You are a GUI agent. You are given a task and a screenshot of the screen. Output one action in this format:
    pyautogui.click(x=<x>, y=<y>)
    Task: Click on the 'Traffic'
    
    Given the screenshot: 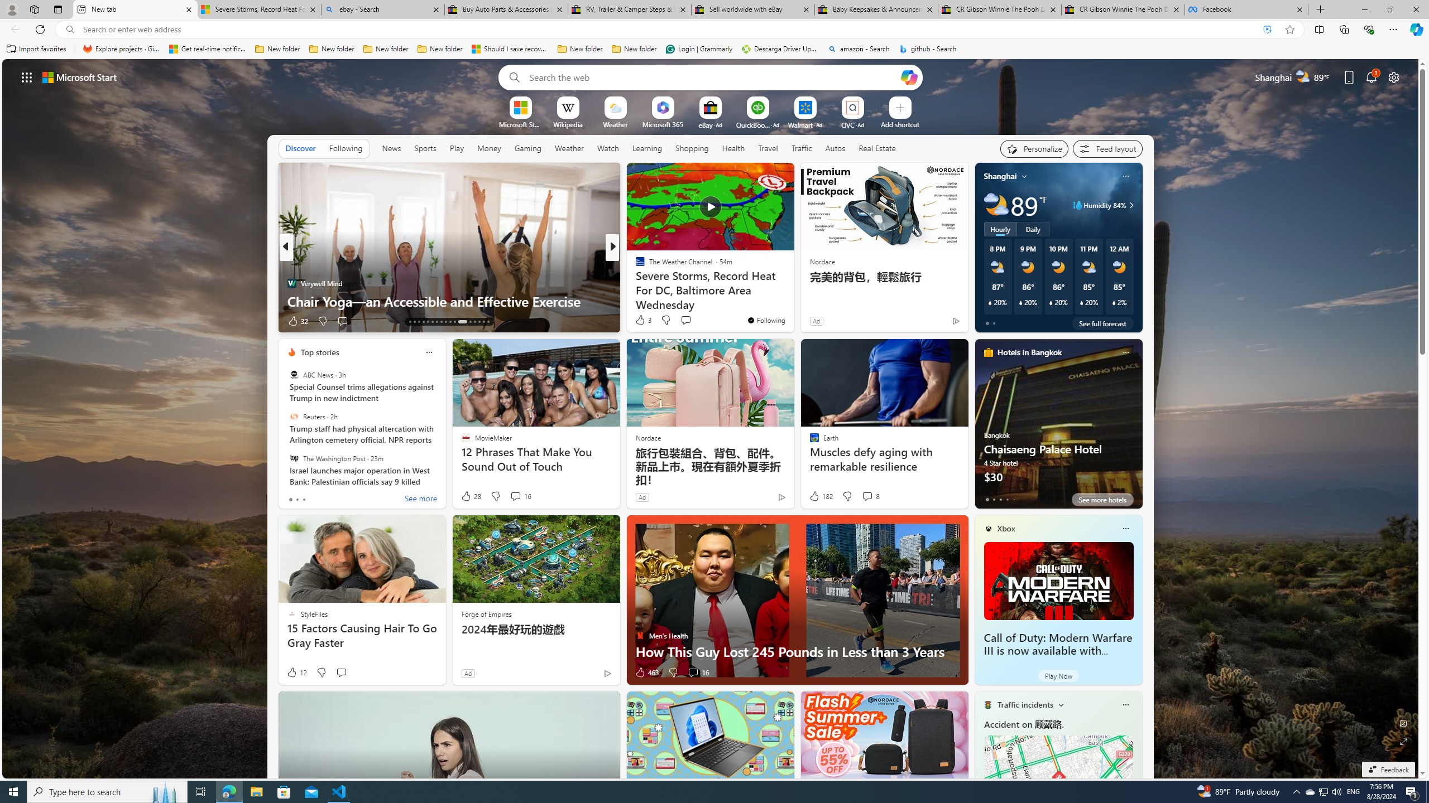 What is the action you would take?
    pyautogui.click(x=801, y=147)
    